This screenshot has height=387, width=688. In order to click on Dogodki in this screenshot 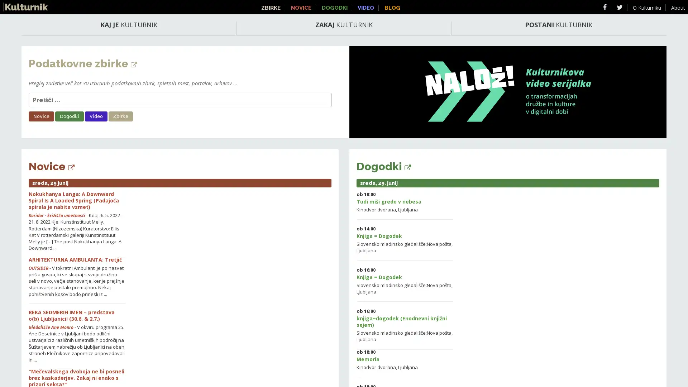, I will do `click(69, 116)`.